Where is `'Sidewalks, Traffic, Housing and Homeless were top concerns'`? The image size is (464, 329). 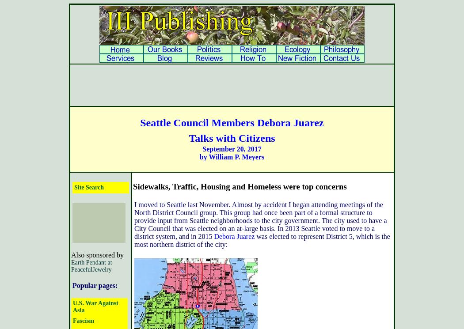
'Sidewalks, Traffic, Housing and Homeless were top concerns' is located at coordinates (133, 186).